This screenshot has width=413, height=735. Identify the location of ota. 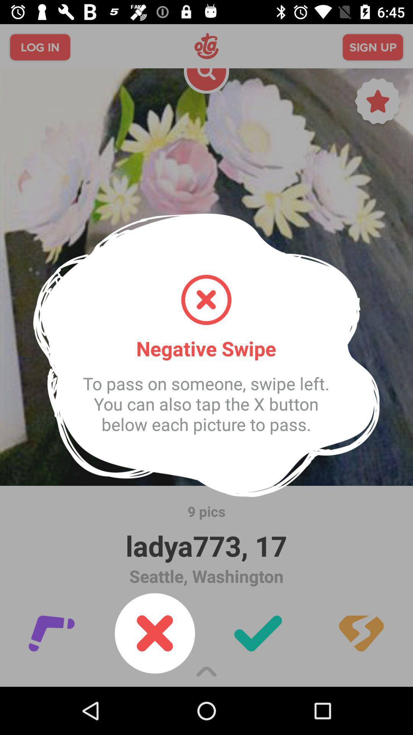
(206, 46).